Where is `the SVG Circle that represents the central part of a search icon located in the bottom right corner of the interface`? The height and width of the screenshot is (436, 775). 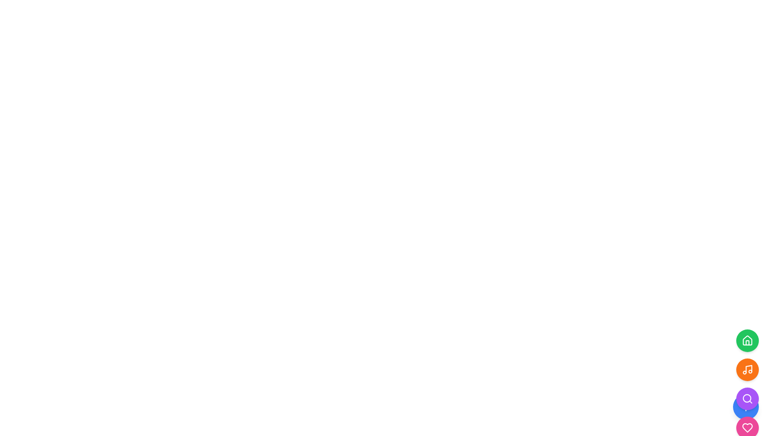 the SVG Circle that represents the central part of a search icon located in the bottom right corner of the interface is located at coordinates (746, 398).